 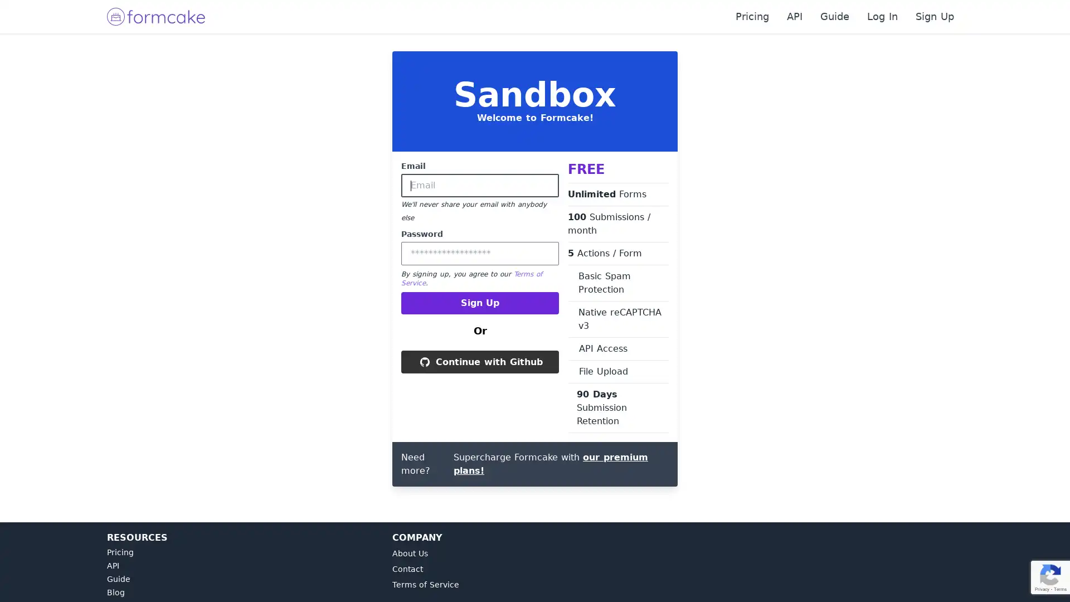 I want to click on Sign Up, so click(x=480, y=303).